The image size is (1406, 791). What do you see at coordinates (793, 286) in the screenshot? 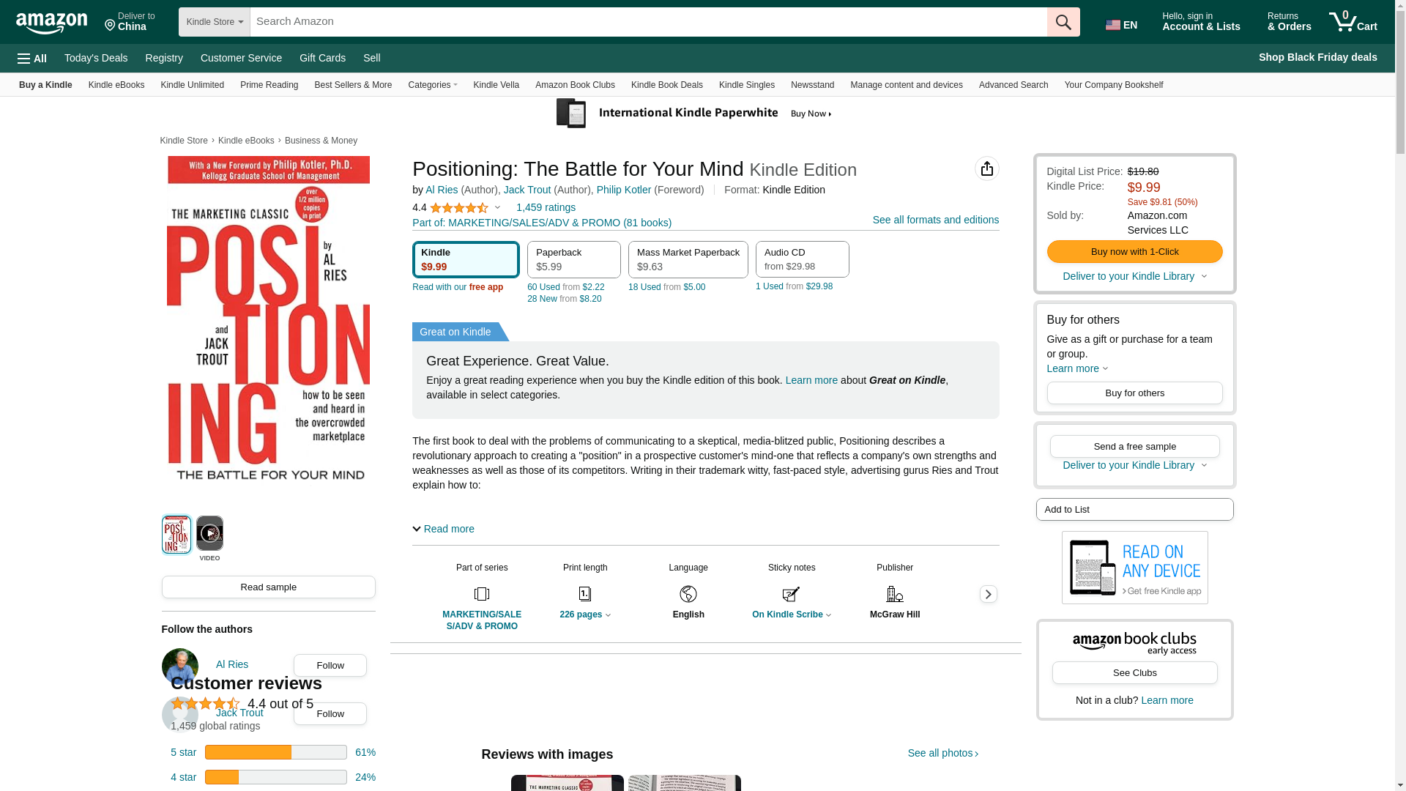
I see `'1 Used from $29.98'` at bounding box center [793, 286].